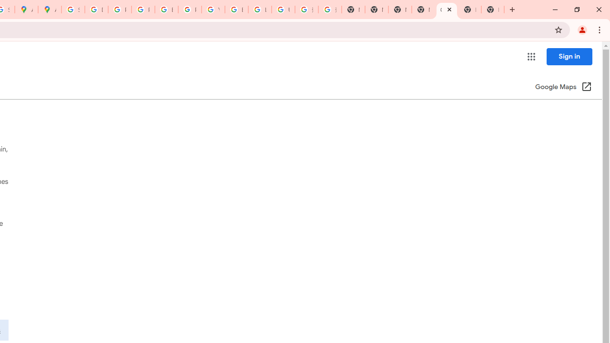 This screenshot has width=610, height=343. Describe the element at coordinates (119, 10) in the screenshot. I see `'Privacy Help Center - Policies Help'` at that location.